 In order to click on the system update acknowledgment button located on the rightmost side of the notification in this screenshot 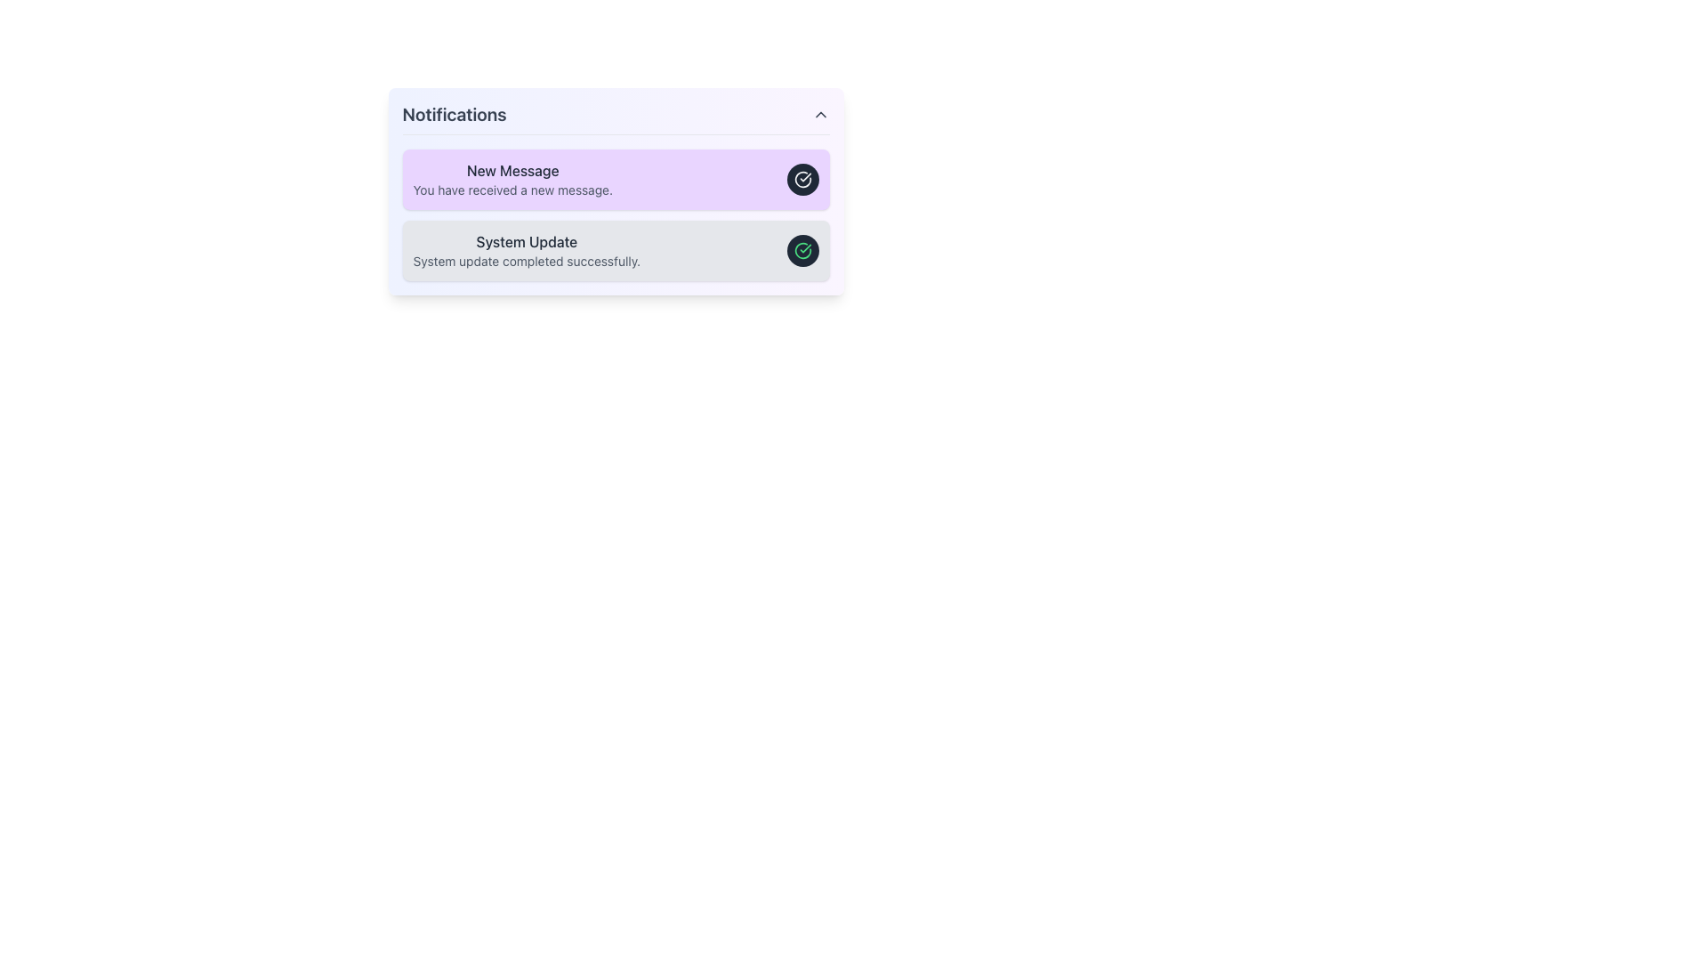, I will do `click(802, 250)`.